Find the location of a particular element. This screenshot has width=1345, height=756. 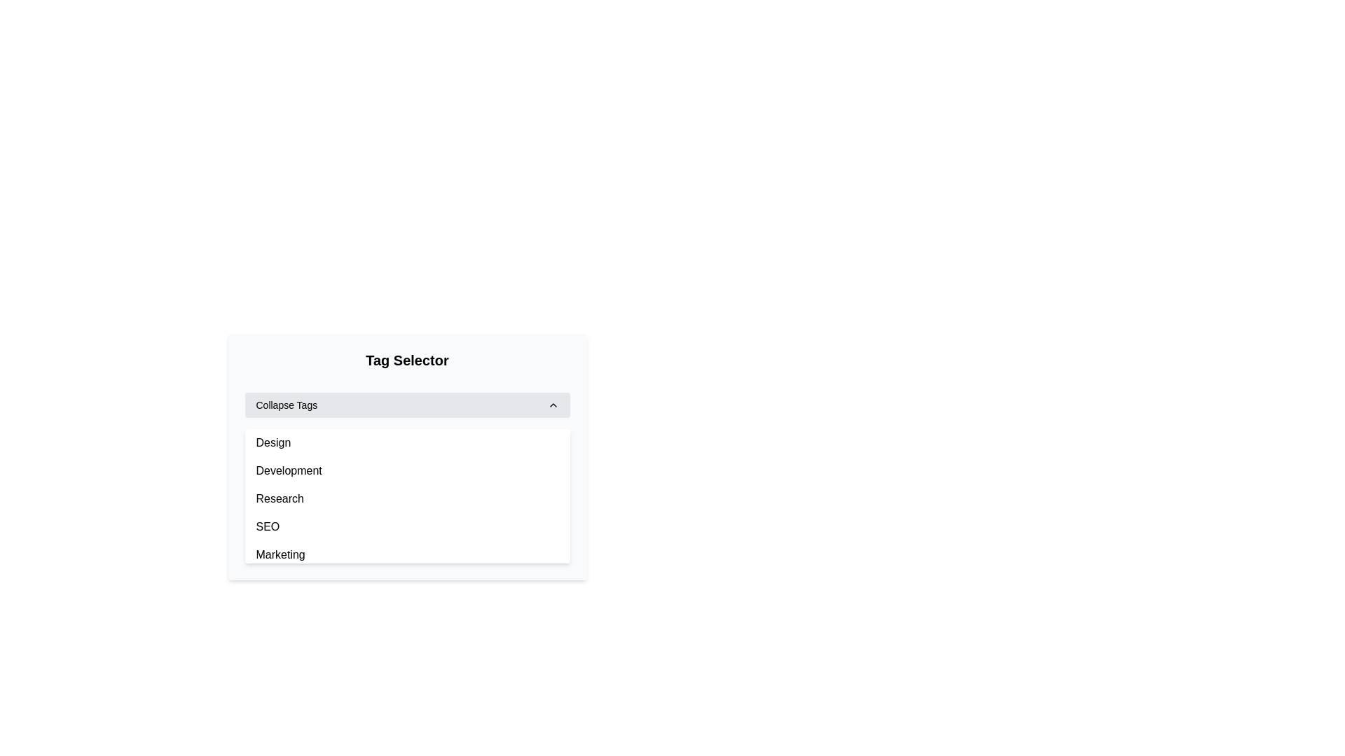

the 'Marketing' list item in the dropdown menu is located at coordinates (280, 554).